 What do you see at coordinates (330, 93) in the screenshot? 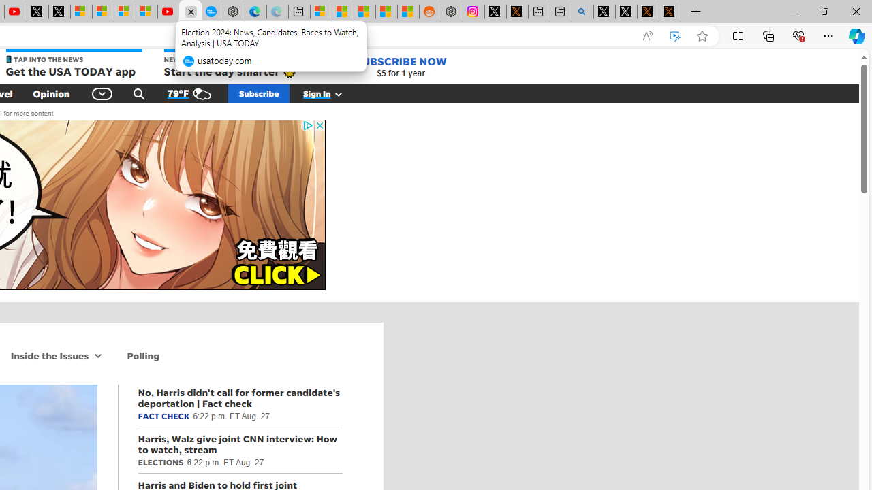
I see `'Sign In'` at bounding box center [330, 93].